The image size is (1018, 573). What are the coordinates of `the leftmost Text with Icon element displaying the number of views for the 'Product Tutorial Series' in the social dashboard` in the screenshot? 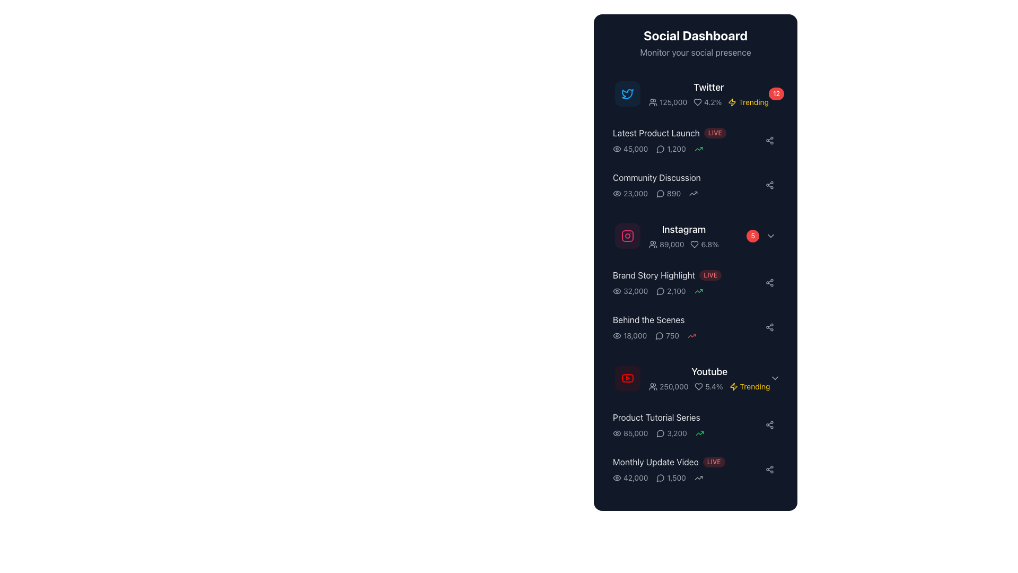 It's located at (630, 433).